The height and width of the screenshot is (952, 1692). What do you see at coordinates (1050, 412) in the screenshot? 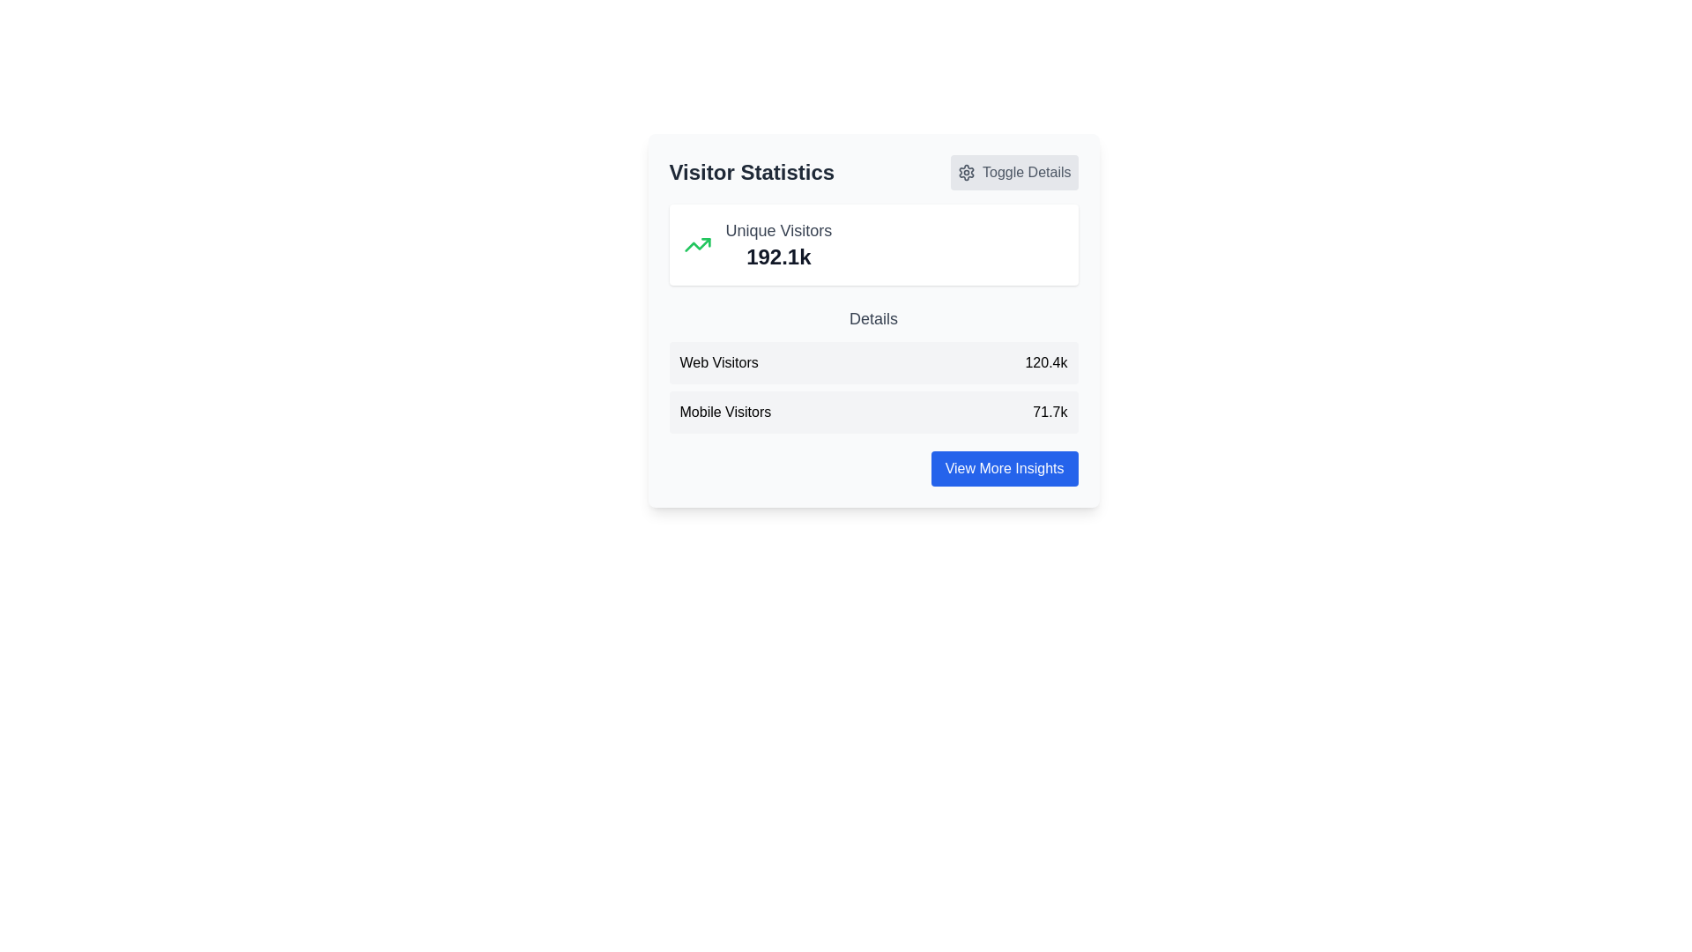
I see `the text label displaying '71.7k', which is styled in a regular sans-serif font and indicates the number of mobile visitors, located within the 'Details' section of the Visitor Statistics card` at bounding box center [1050, 412].